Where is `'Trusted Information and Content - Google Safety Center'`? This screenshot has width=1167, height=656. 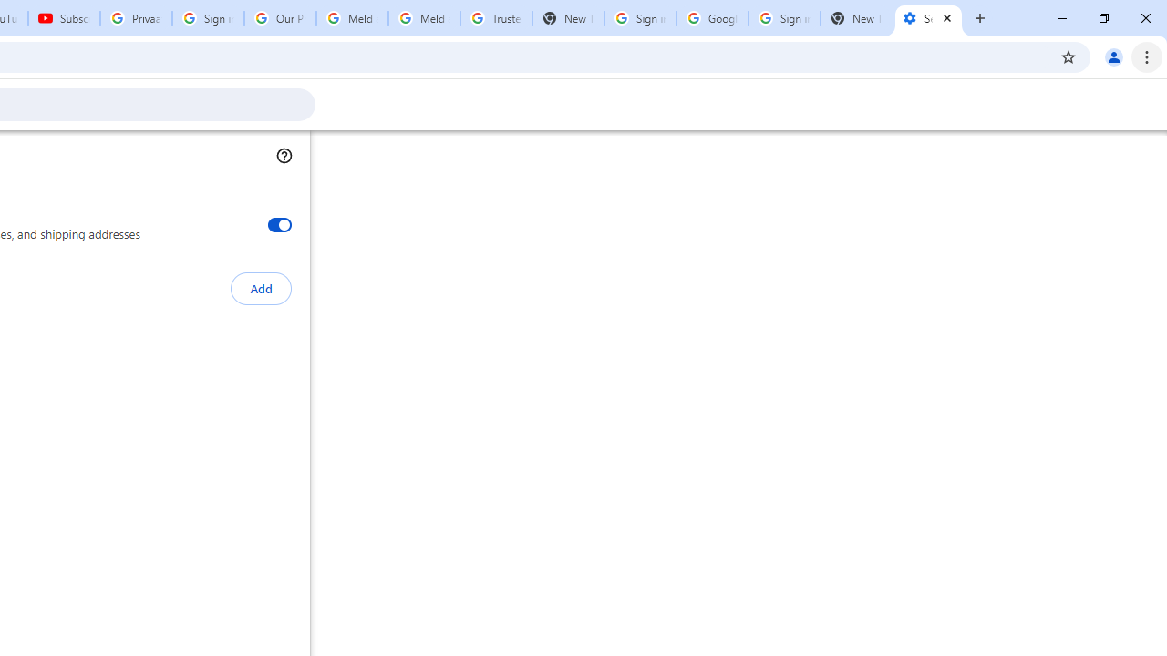
'Trusted Information and Content - Google Safety Center' is located at coordinates (496, 18).